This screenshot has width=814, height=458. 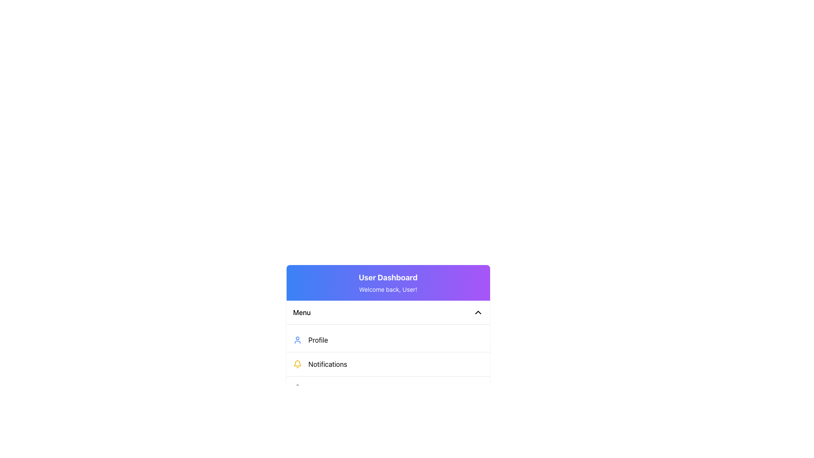 I want to click on the complex-shaped gear icon located in the last section of the vertical menu, so click(x=297, y=388).